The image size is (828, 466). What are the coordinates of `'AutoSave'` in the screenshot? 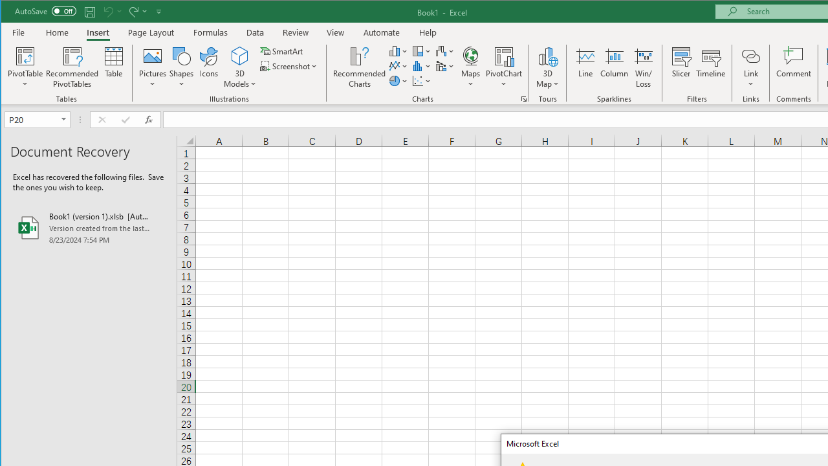 It's located at (45, 11).